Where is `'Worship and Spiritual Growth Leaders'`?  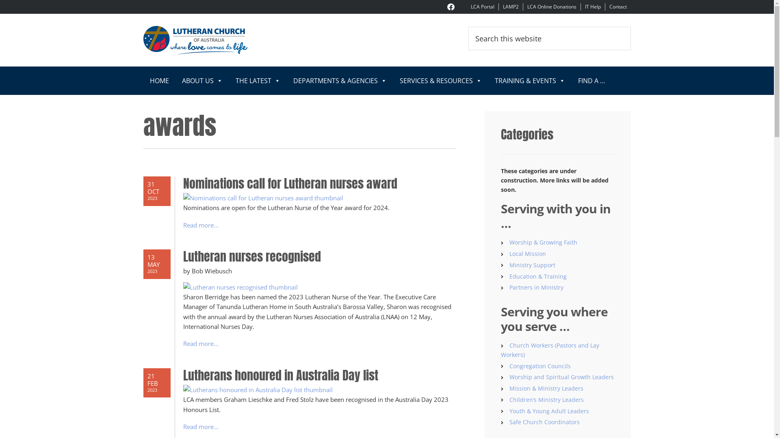 'Worship and Spiritual Growth Leaders' is located at coordinates (509, 377).